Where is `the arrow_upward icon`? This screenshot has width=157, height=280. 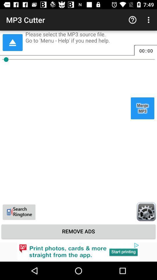
the arrow_upward icon is located at coordinates (13, 42).